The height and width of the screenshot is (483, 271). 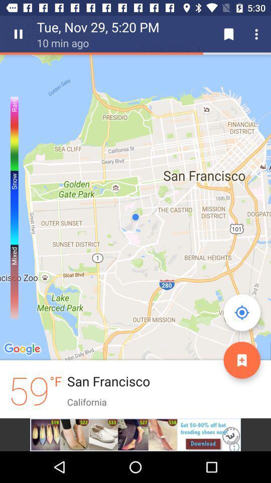 I want to click on the button beside three dotted icon in the page, so click(x=229, y=34).